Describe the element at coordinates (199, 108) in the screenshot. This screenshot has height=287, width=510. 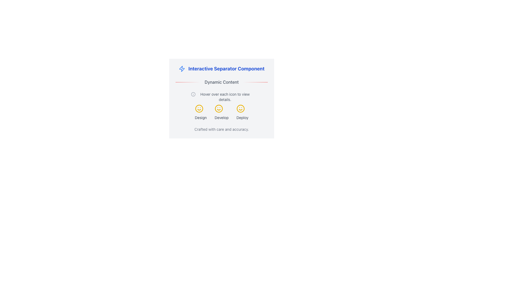
I see `the cheerful smiley face icon with a yellow outline located in the 'Design' section for information` at that location.